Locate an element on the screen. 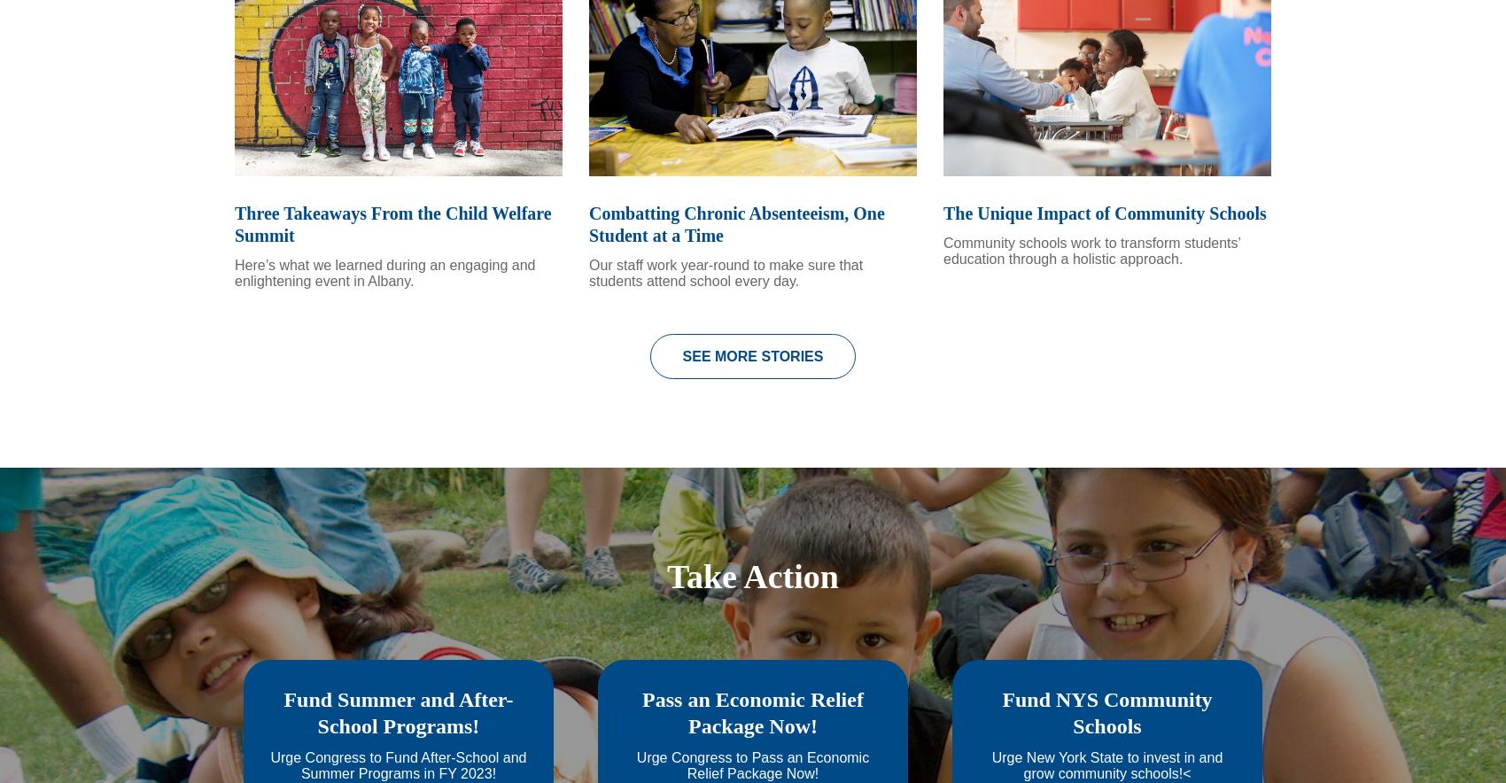 This screenshot has width=1506, height=783. 'Our staff work year-round to make sure that students attend school every day.' is located at coordinates (725, 295).